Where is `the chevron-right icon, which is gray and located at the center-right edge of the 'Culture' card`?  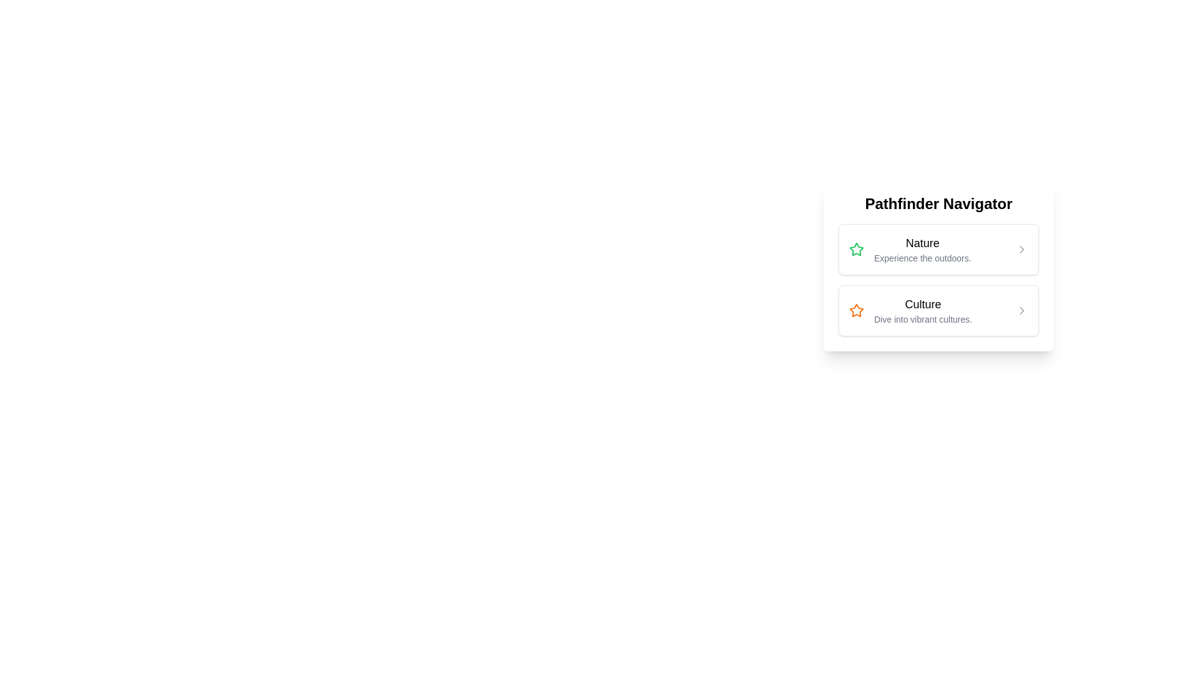
the chevron-right icon, which is gray and located at the center-right edge of the 'Culture' card is located at coordinates (1021, 310).